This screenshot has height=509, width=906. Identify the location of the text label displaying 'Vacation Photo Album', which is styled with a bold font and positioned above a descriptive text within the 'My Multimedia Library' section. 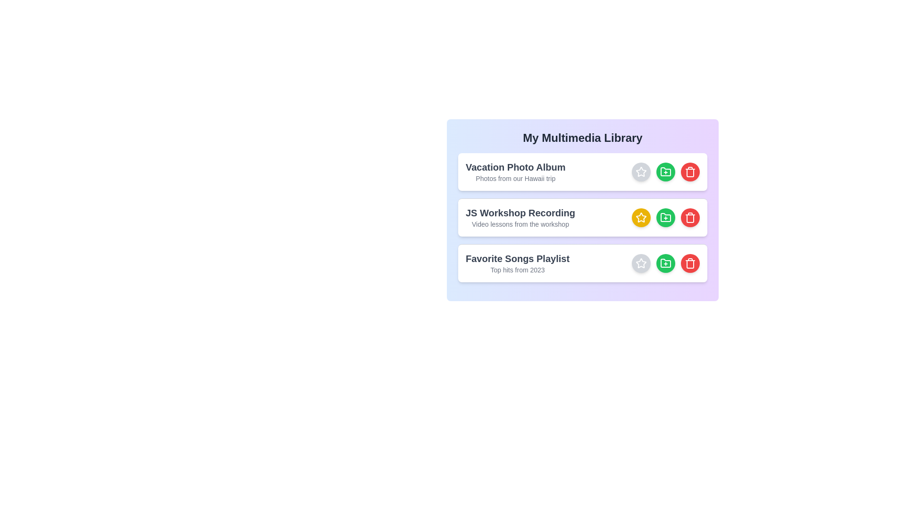
(515, 166).